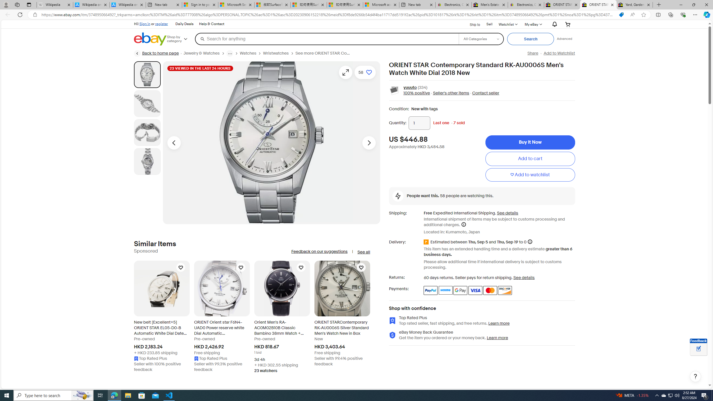  I want to click on 'Class: ux-action', so click(394, 91).